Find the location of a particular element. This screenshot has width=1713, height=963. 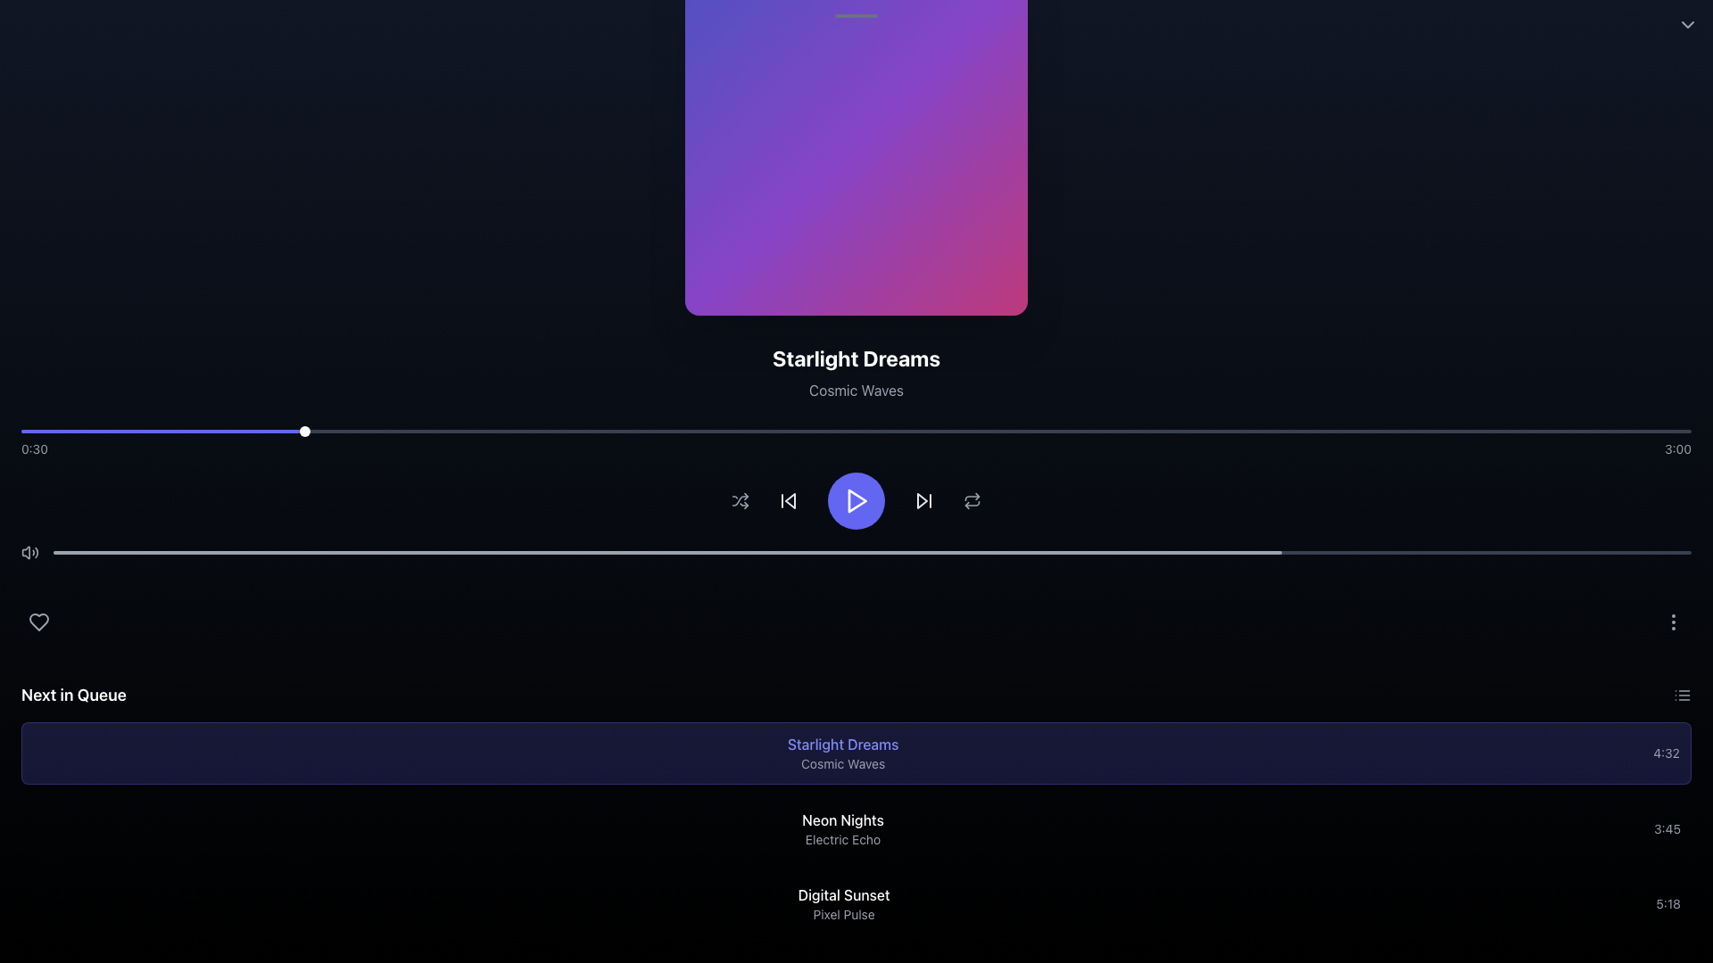

the thumb indicator of the progress bar located underneath the title 'Starlight Dreams' is located at coordinates (856, 431).